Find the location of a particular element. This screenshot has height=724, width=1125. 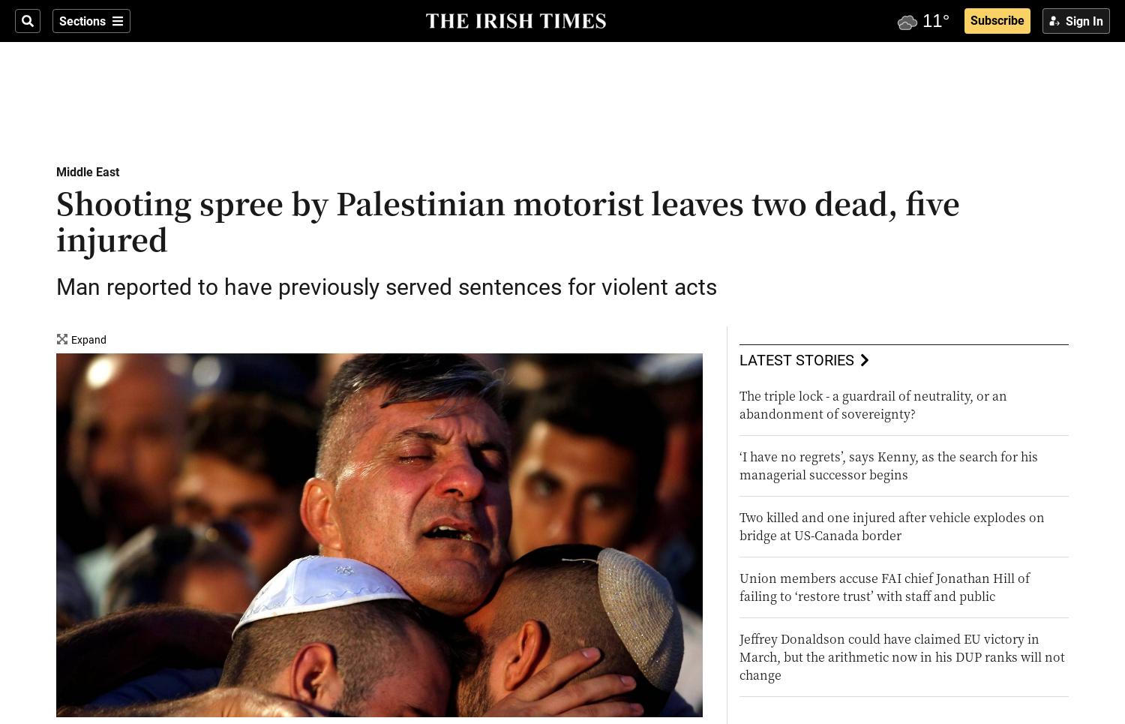

'Expand' is located at coordinates (88, 338).